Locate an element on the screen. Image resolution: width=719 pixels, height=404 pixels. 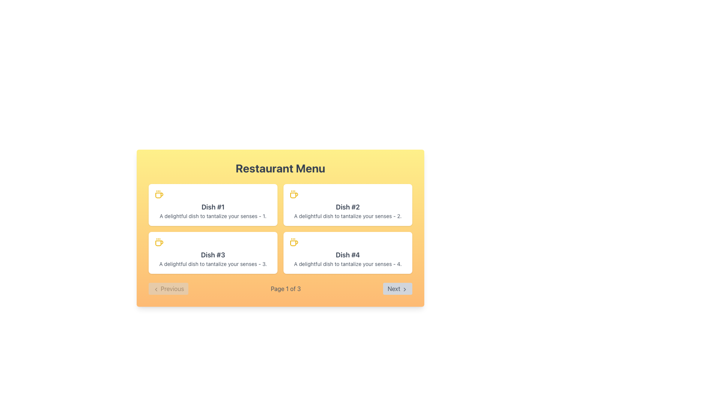
the descriptive text label associated with 'Dish #4', which is positioned directly below its title is located at coordinates (348, 263).